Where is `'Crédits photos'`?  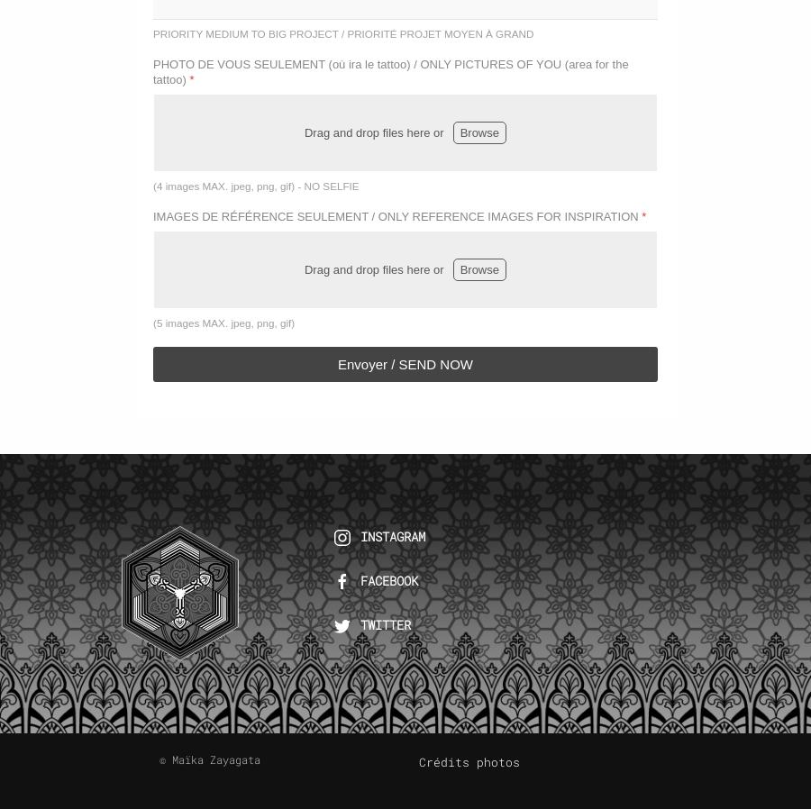
'Crédits photos' is located at coordinates (469, 761).